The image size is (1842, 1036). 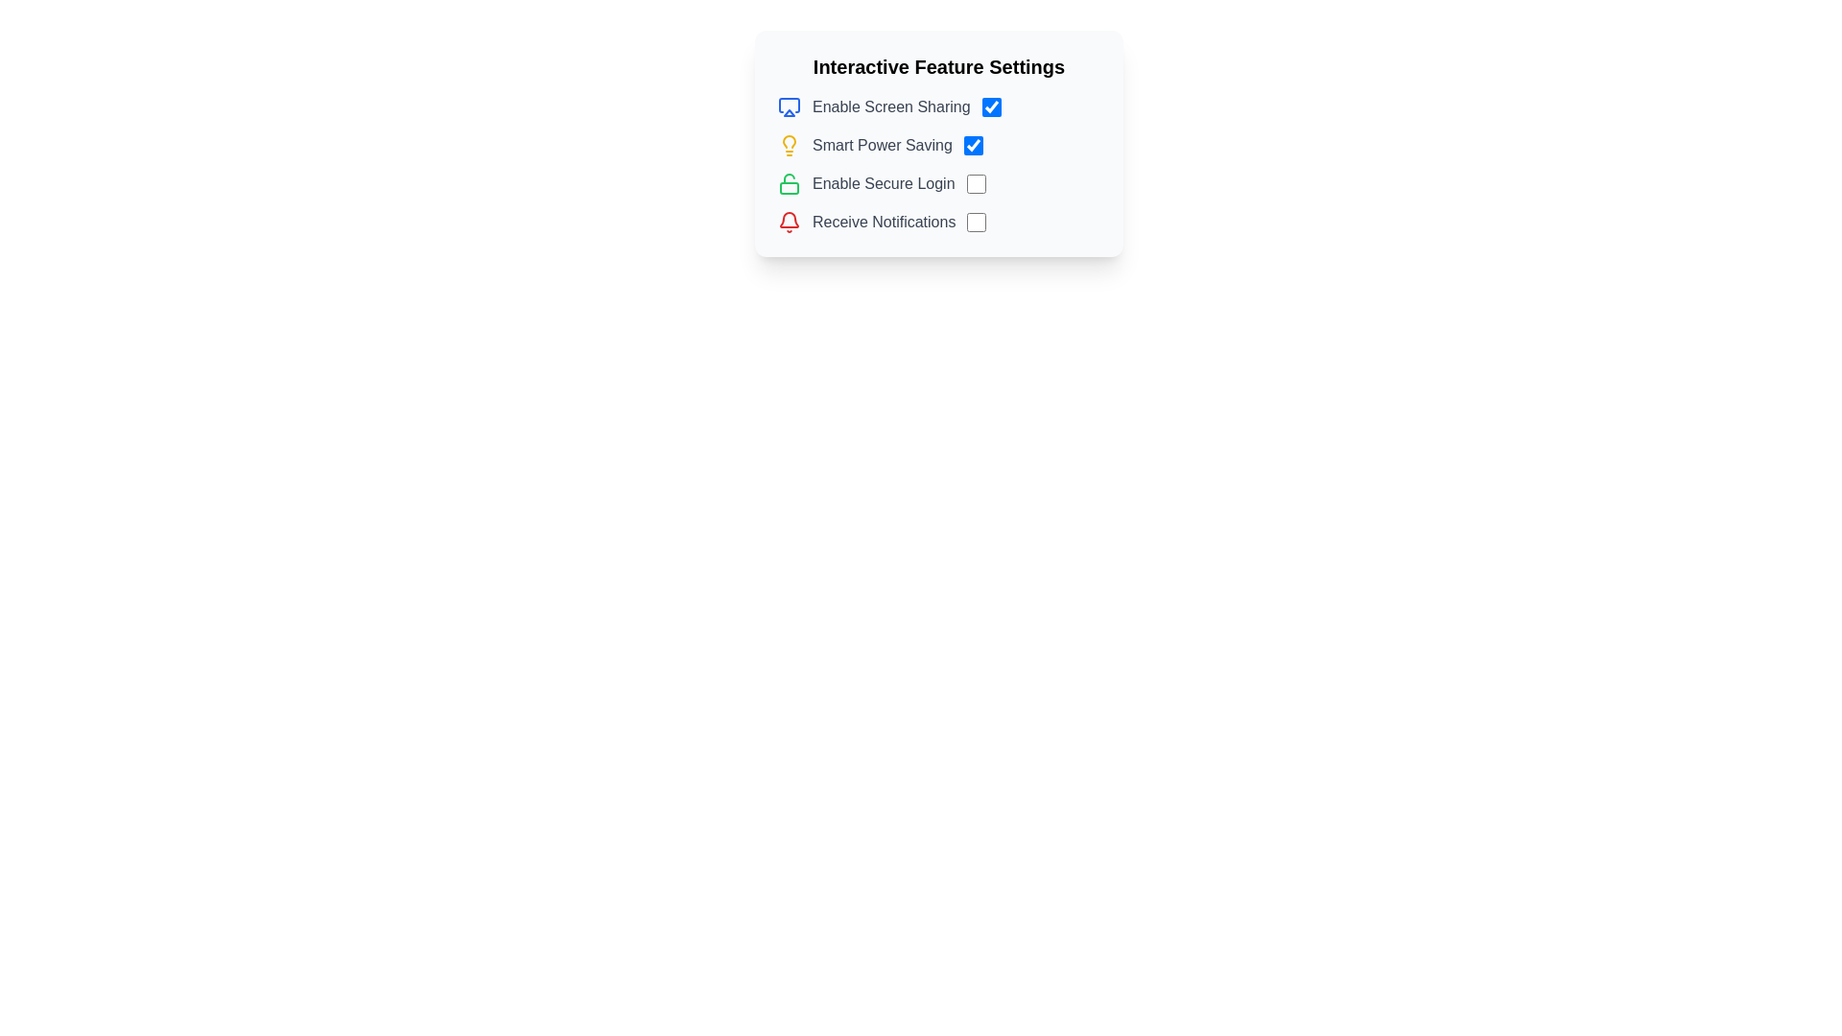 What do you see at coordinates (883, 184) in the screenshot?
I see `the descriptive text label for the secure login functionality, which is located between a lock icon and a checkbox in the settings panel` at bounding box center [883, 184].